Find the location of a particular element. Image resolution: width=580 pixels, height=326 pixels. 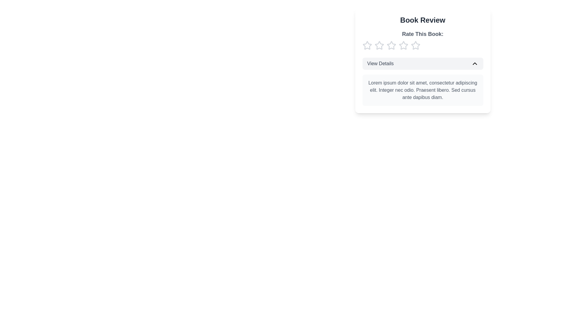

the third hollow star icon in gray color is located at coordinates (391, 45).